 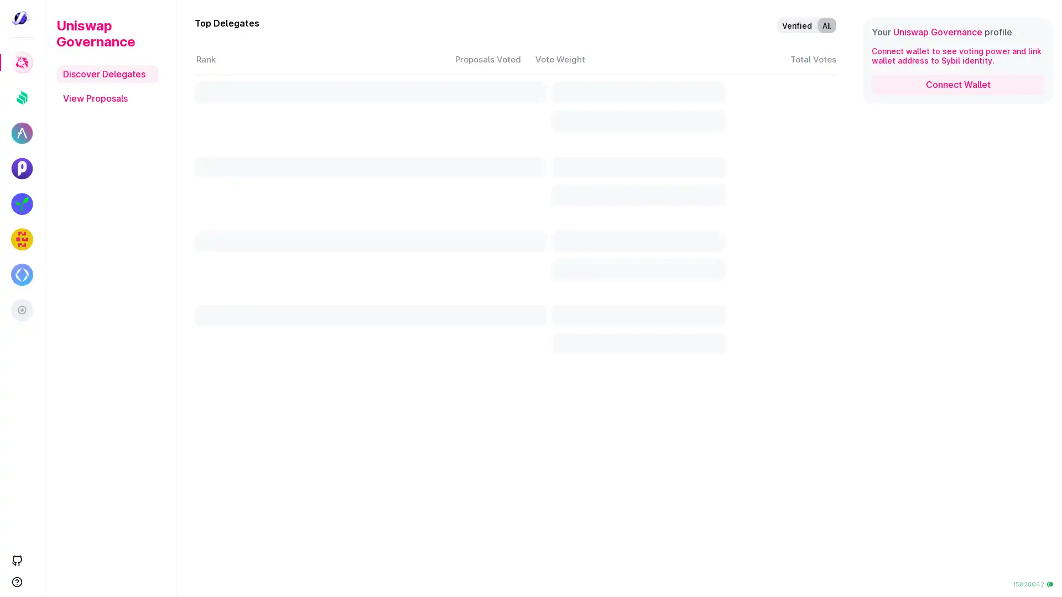 What do you see at coordinates (957, 84) in the screenshot?
I see `Connect Wallet` at bounding box center [957, 84].